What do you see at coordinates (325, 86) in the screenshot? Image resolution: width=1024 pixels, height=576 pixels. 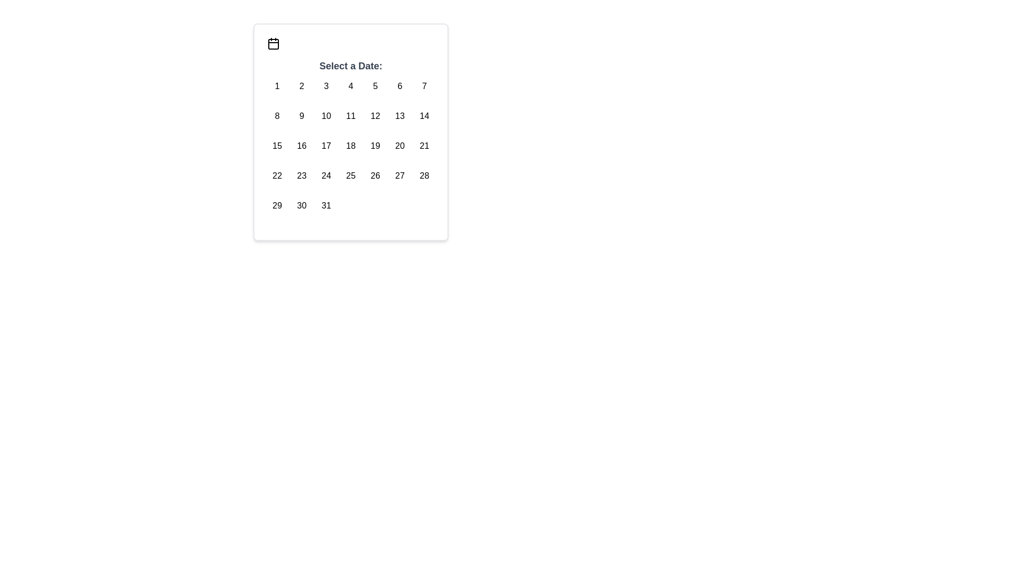 I see `the interactive button representing the third day of the month in the calendar view` at bounding box center [325, 86].